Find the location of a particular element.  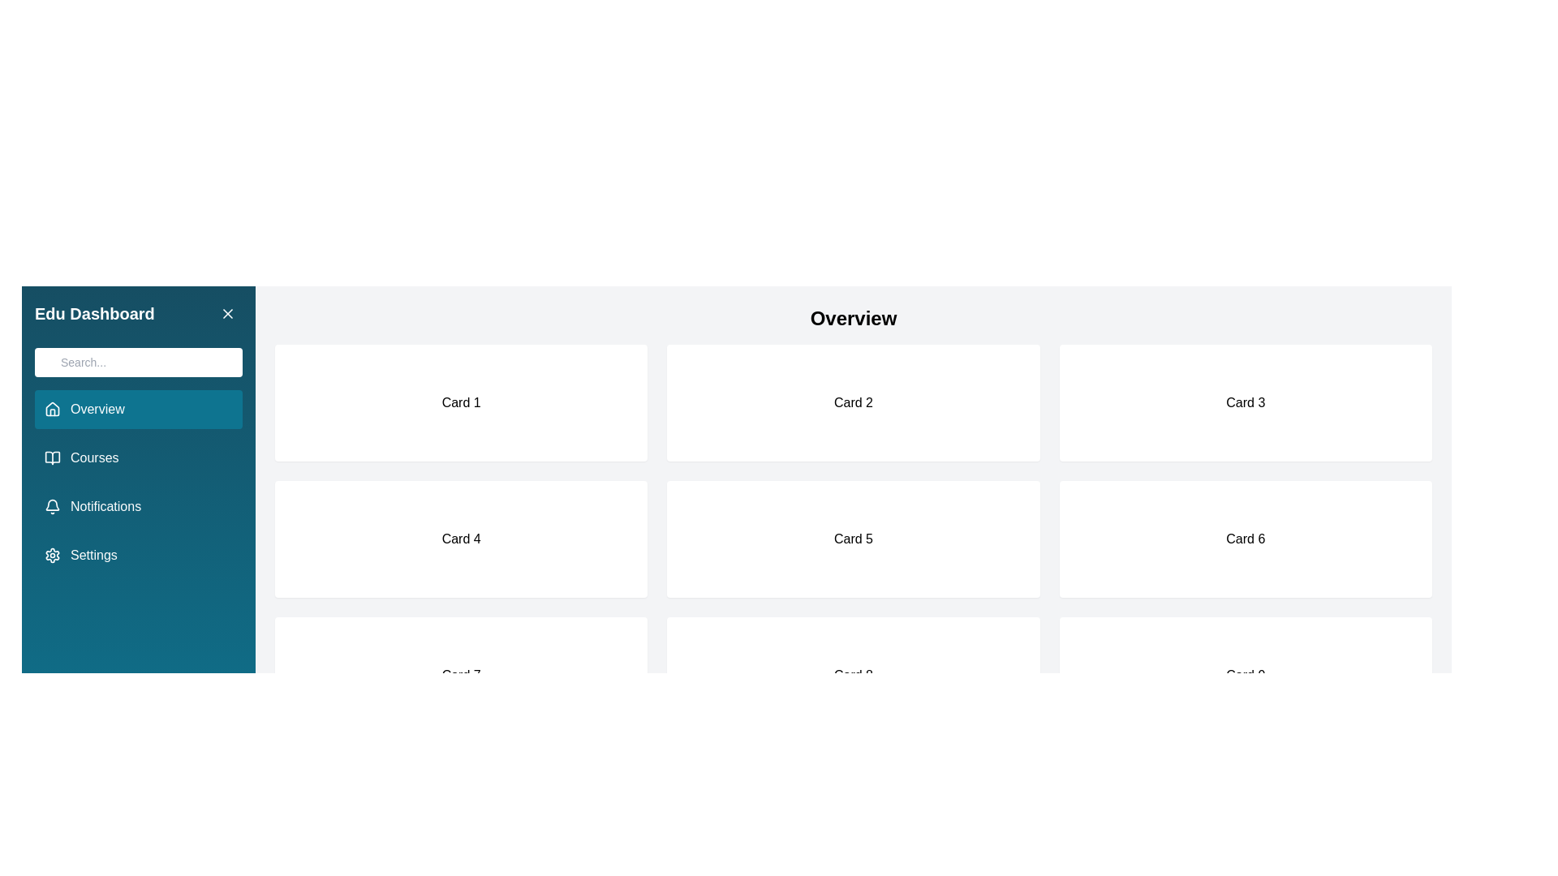

the menu item Settings to navigate to the corresponding section is located at coordinates (139, 555).